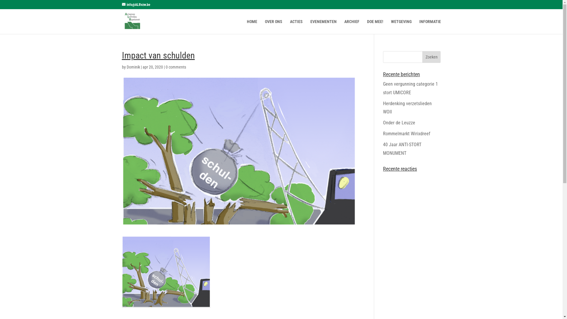  I want to click on '0 comments', so click(175, 67).